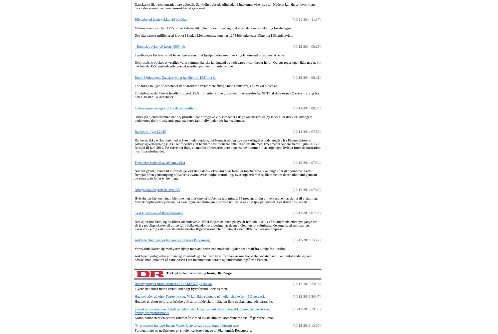 The width and height of the screenshot is (498, 334). What do you see at coordinates (157, 189) in the screenshot?
I see `'Arbejdsskadestyrelsen laver fejl'` at bounding box center [157, 189].